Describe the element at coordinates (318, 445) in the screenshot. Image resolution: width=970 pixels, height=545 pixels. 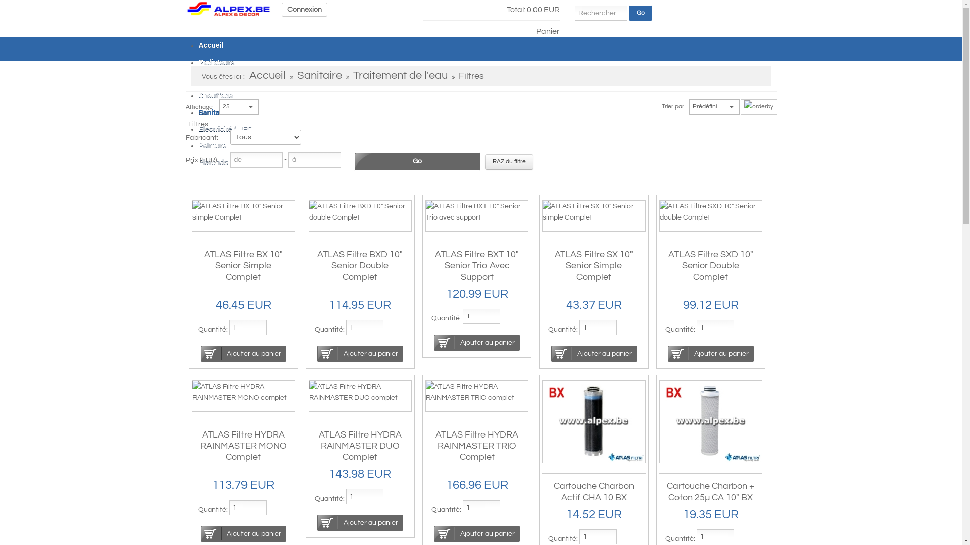
I see `'ATLAS Filtre HYDRA RAINMASTER DUO Complet'` at that location.